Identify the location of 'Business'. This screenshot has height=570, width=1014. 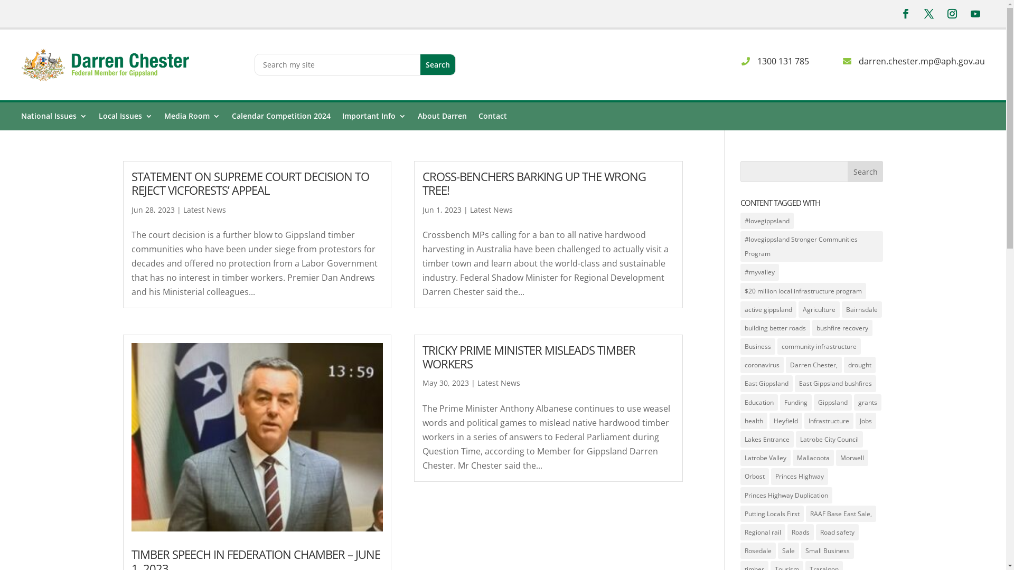
(757, 346).